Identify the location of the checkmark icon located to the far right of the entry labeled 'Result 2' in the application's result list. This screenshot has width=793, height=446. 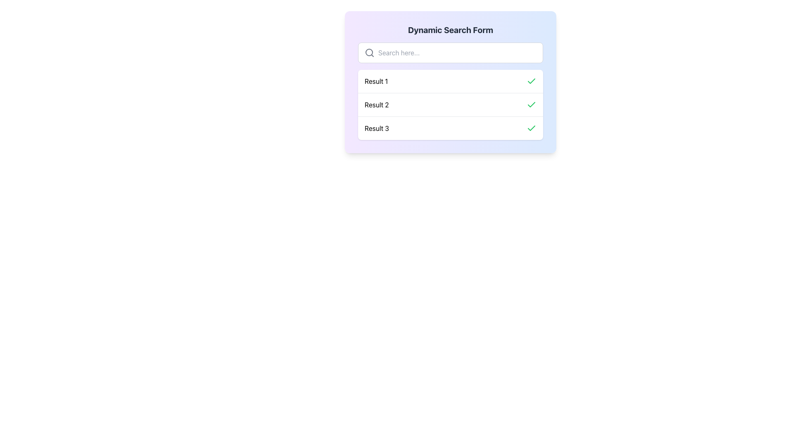
(531, 128).